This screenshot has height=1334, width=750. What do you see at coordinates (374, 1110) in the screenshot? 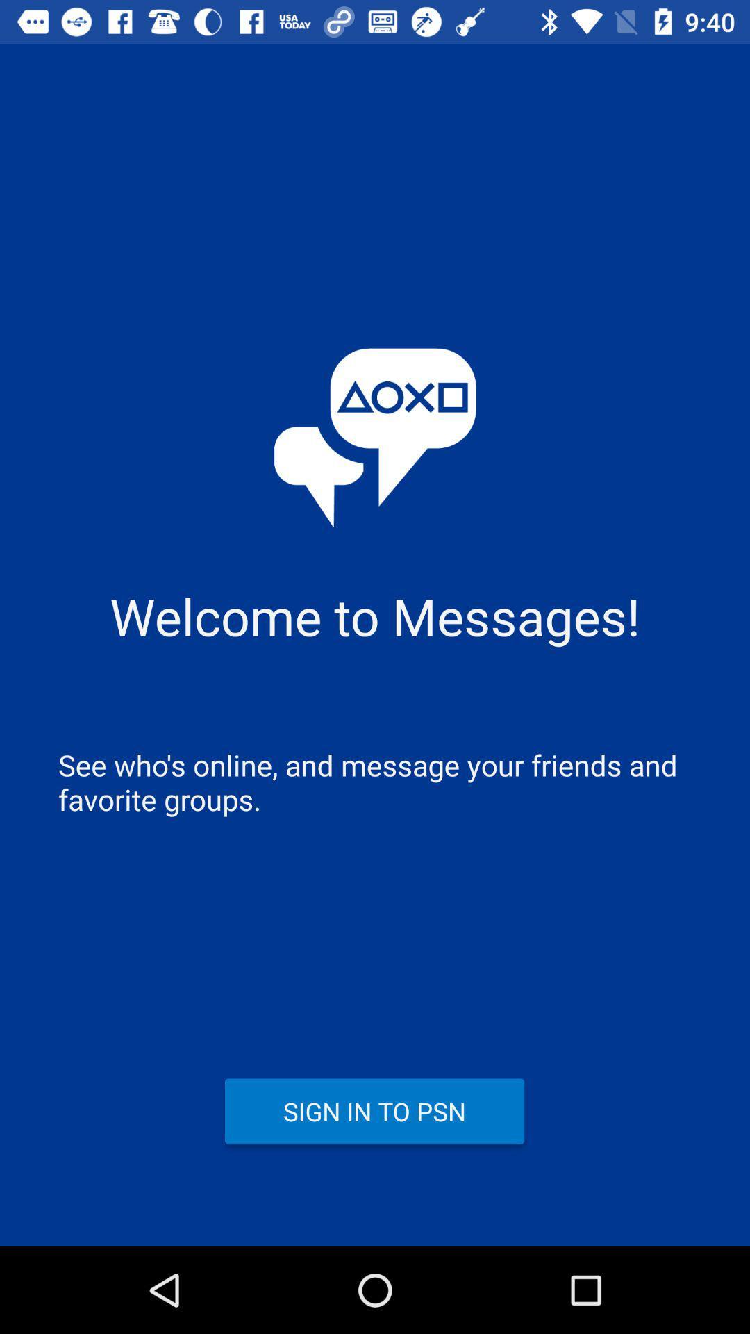
I see `sign in to item` at bounding box center [374, 1110].